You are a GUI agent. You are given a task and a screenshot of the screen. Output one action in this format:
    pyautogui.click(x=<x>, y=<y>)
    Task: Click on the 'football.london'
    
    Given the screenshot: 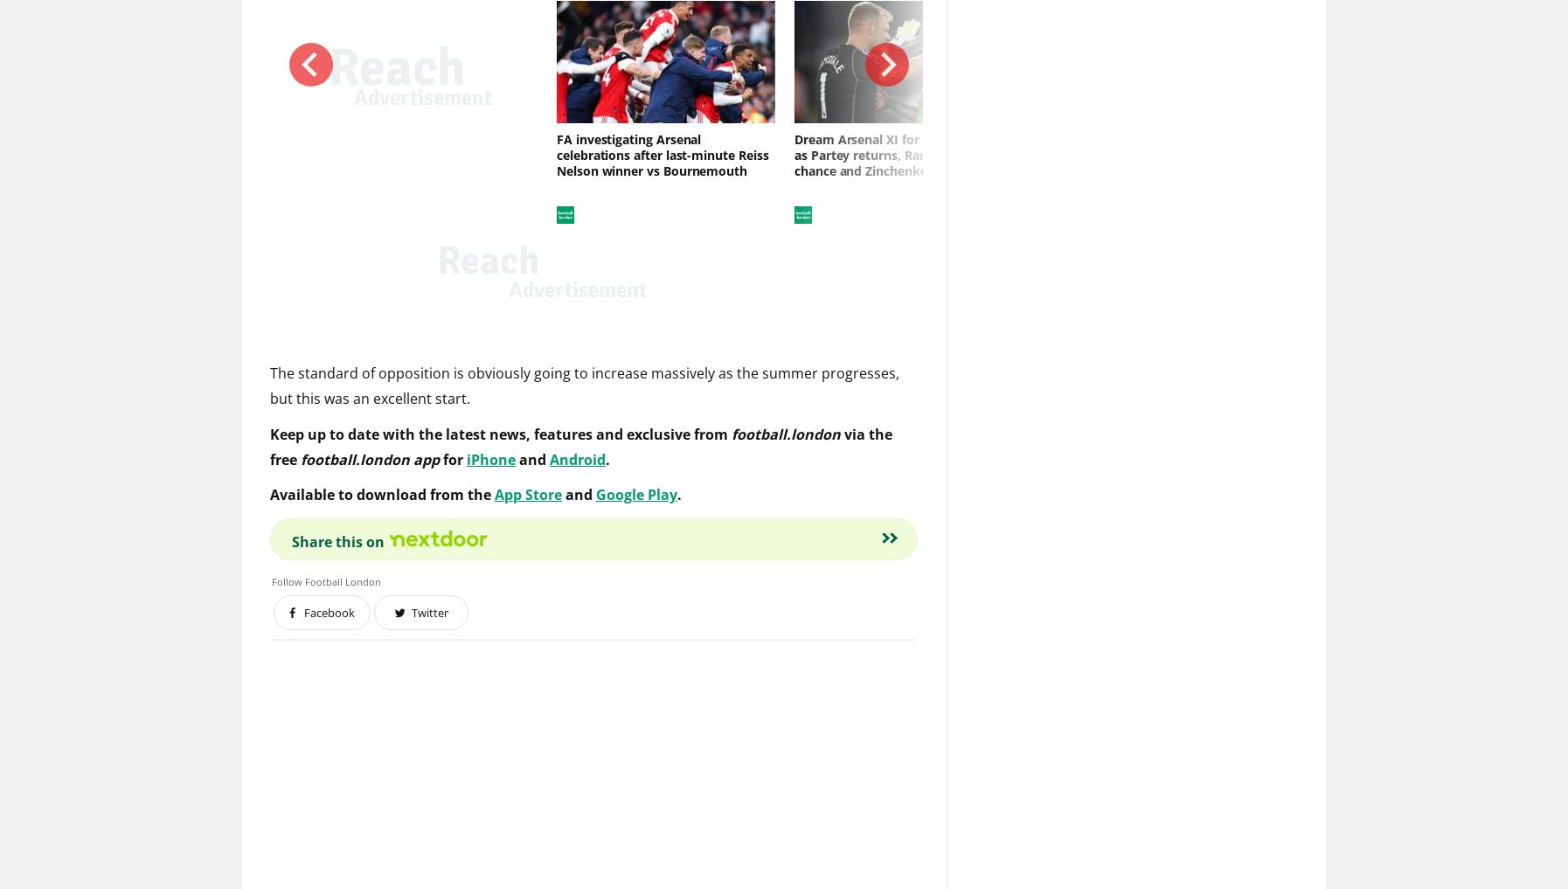 What is the action you would take?
    pyautogui.click(x=785, y=435)
    